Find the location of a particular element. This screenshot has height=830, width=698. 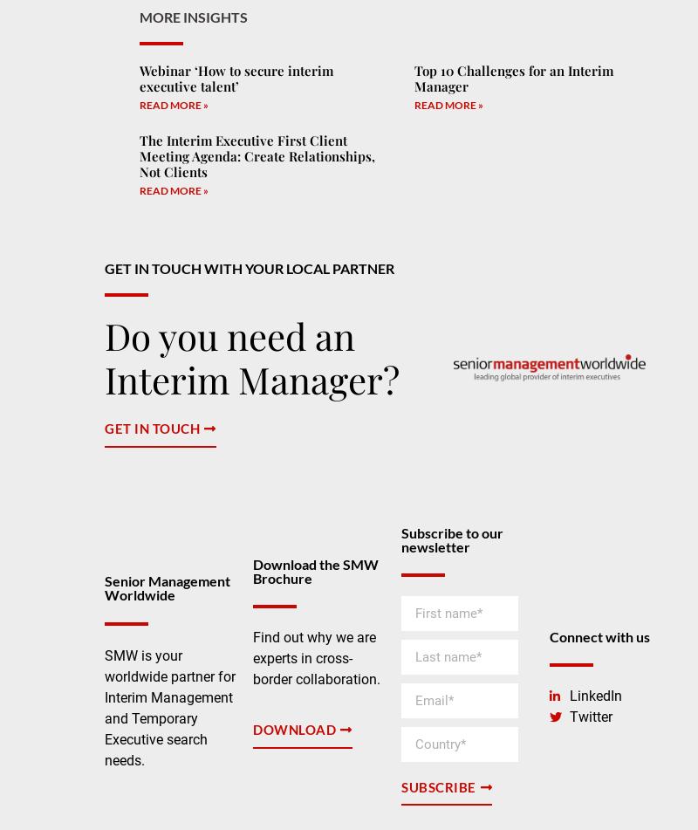

'Download' is located at coordinates (294, 729).